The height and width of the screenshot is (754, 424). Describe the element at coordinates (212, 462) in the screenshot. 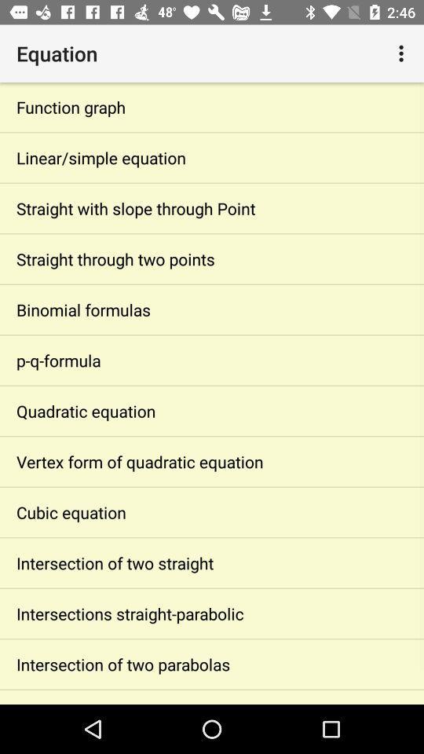

I see `the vertex form of item` at that location.